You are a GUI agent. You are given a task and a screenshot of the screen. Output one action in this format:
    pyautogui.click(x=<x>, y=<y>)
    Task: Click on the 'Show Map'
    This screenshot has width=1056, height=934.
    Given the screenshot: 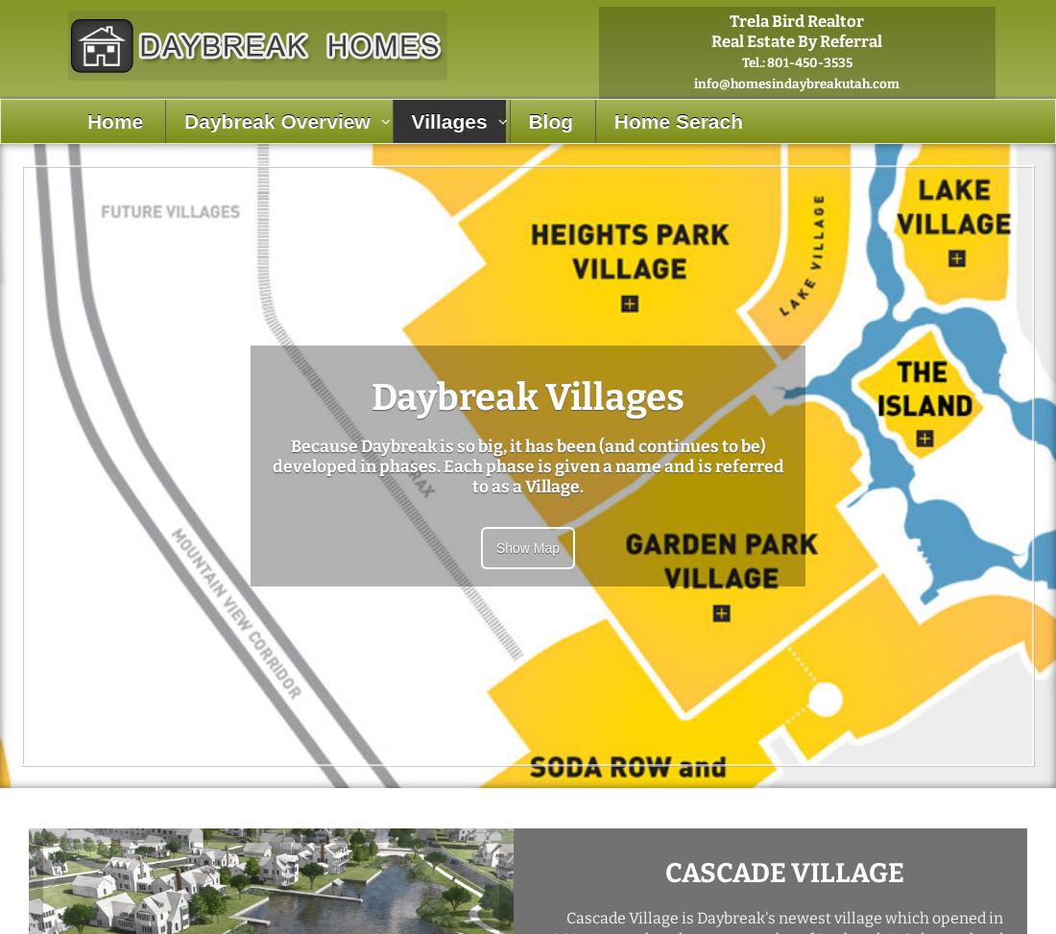 What is the action you would take?
    pyautogui.click(x=527, y=546)
    